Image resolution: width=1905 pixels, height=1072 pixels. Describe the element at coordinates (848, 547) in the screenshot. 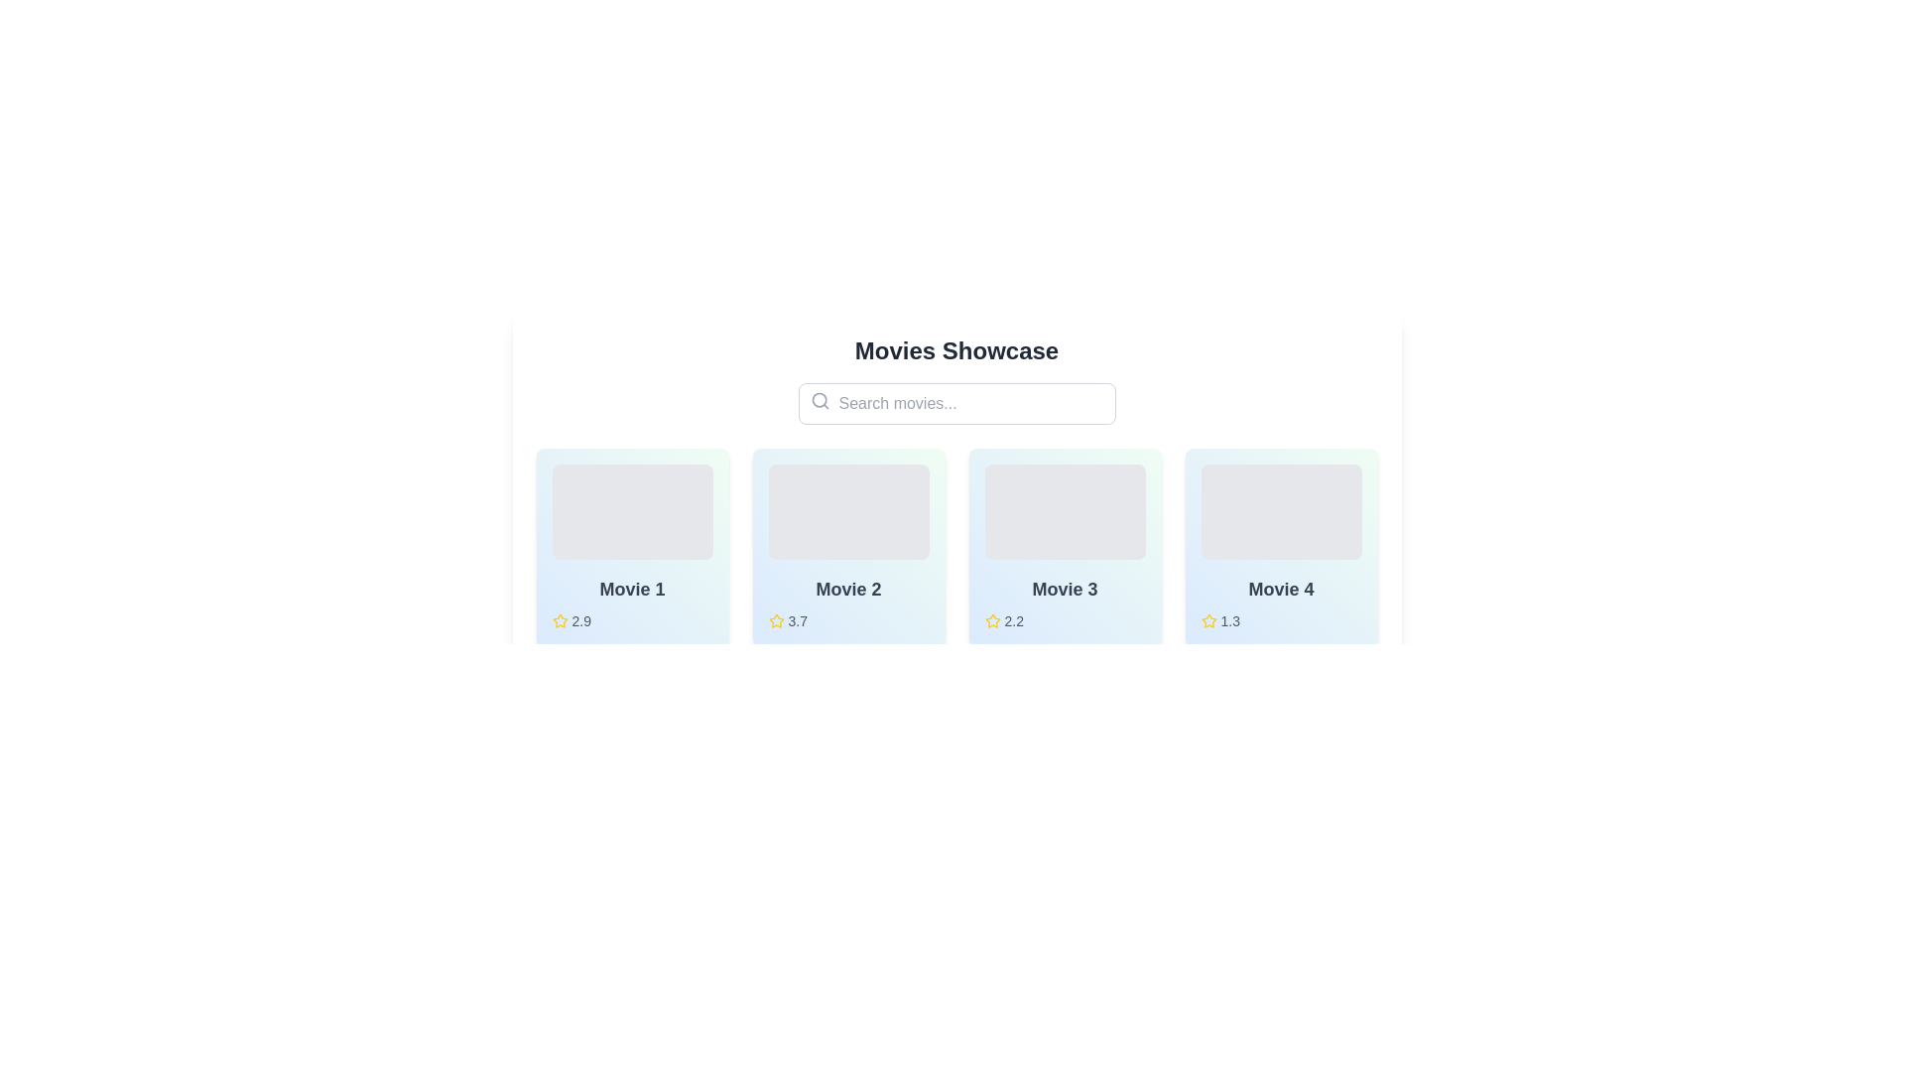

I see `the Informational Card displaying movie information for 'Movie 2' rated 3.7, which is the second card in a horizontal grid layout of movie cards` at that location.